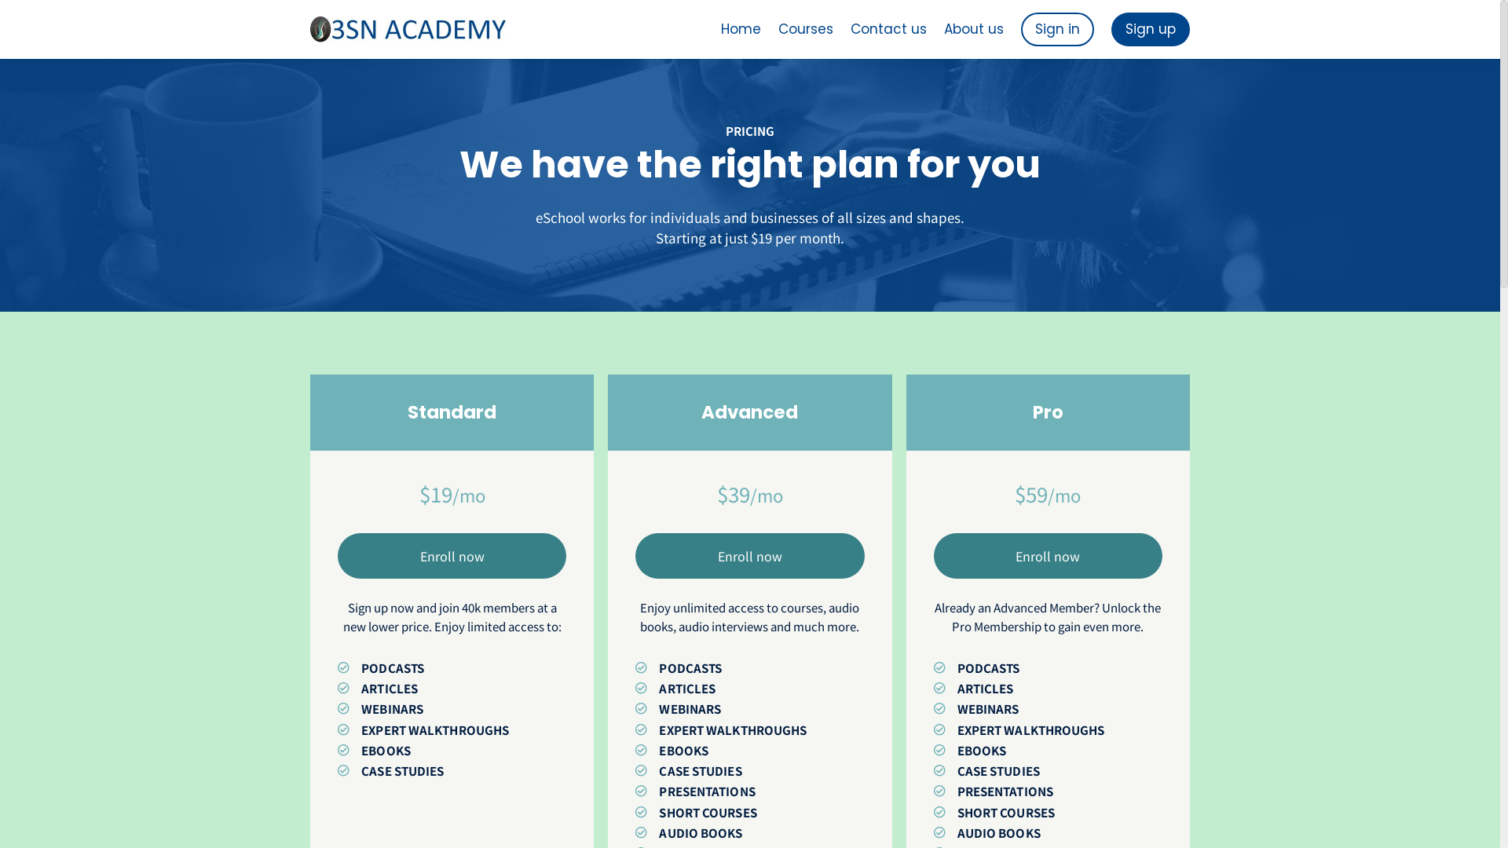  What do you see at coordinates (888, 29) in the screenshot?
I see `'Contact us'` at bounding box center [888, 29].